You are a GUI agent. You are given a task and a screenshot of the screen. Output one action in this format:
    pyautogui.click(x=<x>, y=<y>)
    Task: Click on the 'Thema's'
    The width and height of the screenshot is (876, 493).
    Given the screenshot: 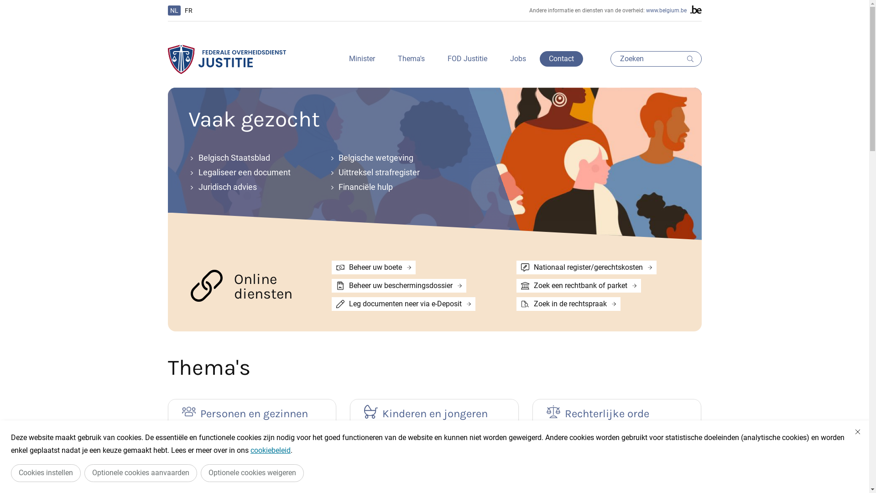 What is the action you would take?
    pyautogui.click(x=411, y=58)
    